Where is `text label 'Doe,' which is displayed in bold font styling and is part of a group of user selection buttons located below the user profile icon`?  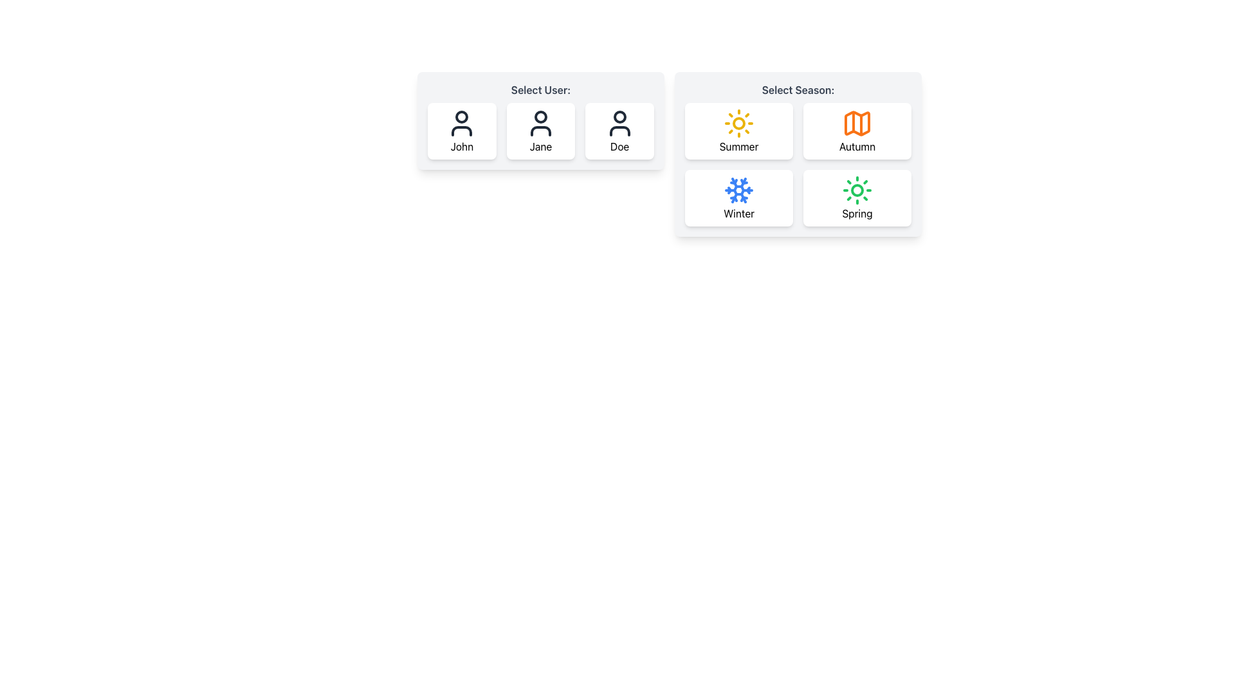
text label 'Doe,' which is displayed in bold font styling and is part of a group of user selection buttons located below the user profile icon is located at coordinates (619, 145).